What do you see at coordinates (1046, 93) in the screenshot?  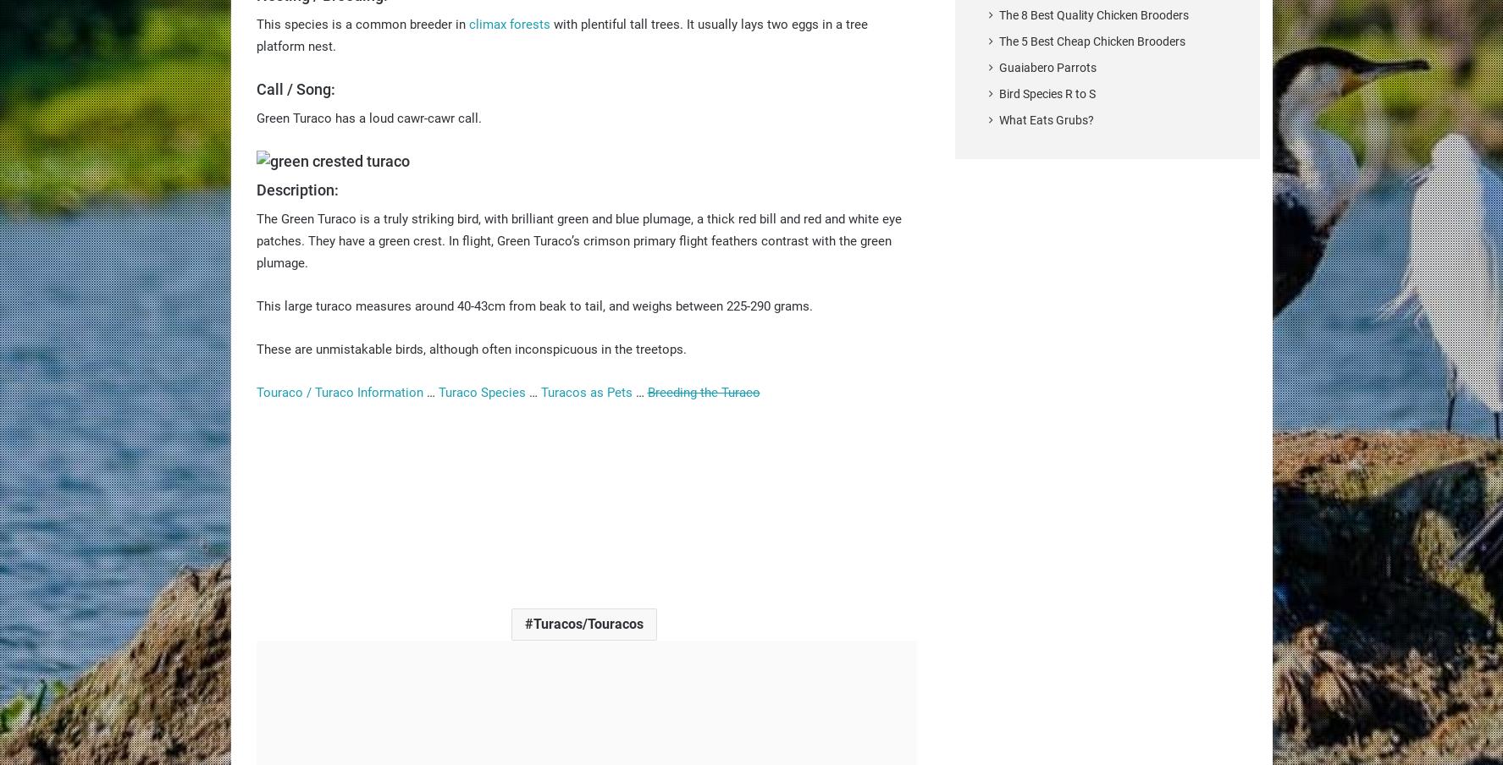 I see `'Bird Species R to S'` at bounding box center [1046, 93].